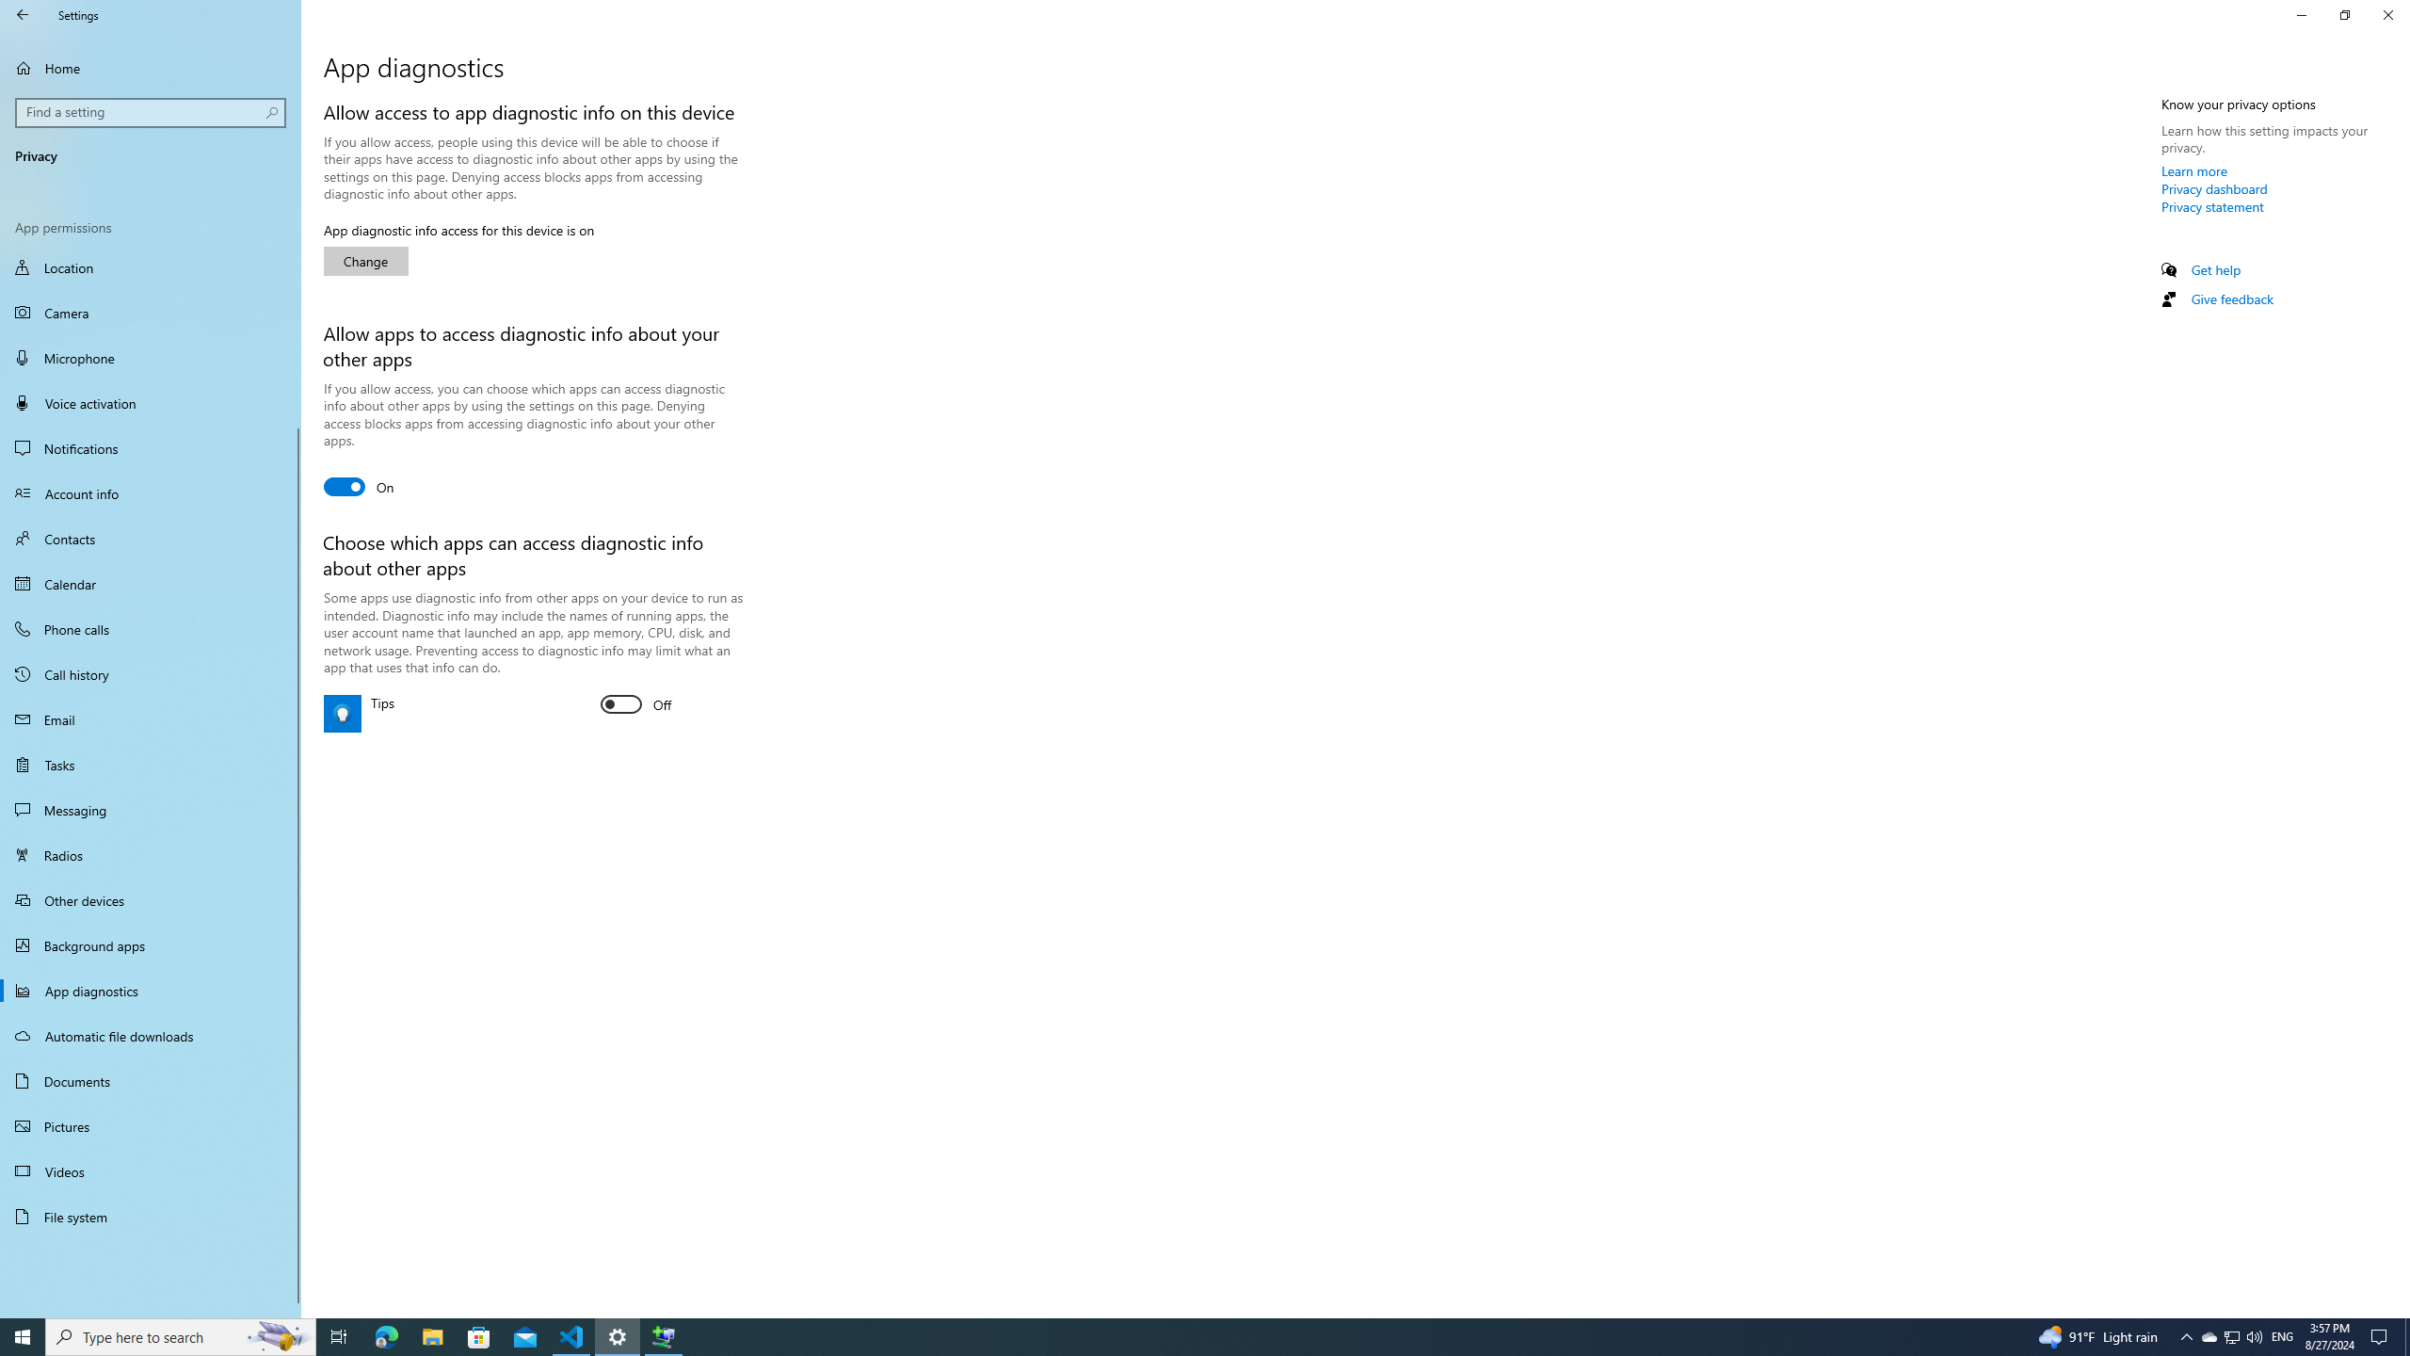 This screenshot has height=1356, width=2410. What do you see at coordinates (150, 1081) in the screenshot?
I see `'Documents'` at bounding box center [150, 1081].